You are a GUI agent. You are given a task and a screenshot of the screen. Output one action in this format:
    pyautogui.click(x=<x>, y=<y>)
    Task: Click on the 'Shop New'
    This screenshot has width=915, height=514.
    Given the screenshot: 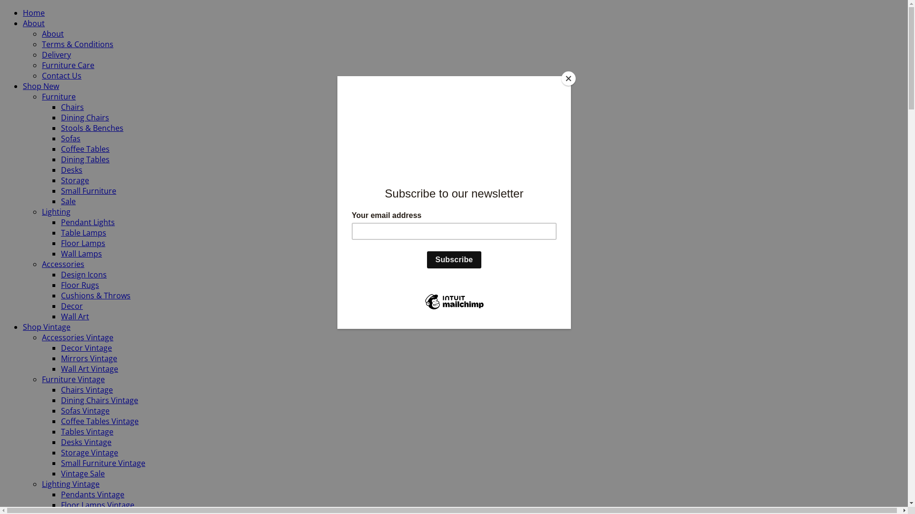 What is the action you would take?
    pyautogui.click(x=41, y=86)
    